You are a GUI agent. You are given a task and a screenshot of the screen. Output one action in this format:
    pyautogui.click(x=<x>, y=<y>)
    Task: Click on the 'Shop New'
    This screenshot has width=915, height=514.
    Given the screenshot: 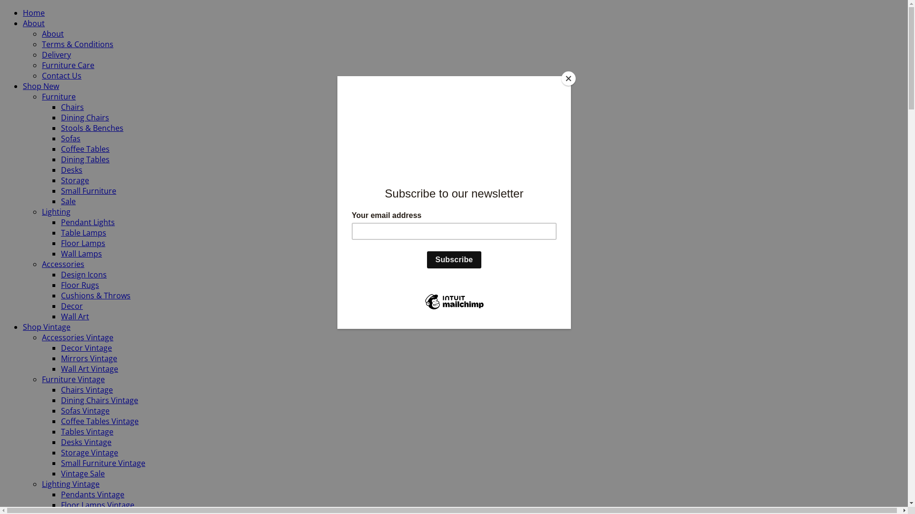 What is the action you would take?
    pyautogui.click(x=41, y=86)
    